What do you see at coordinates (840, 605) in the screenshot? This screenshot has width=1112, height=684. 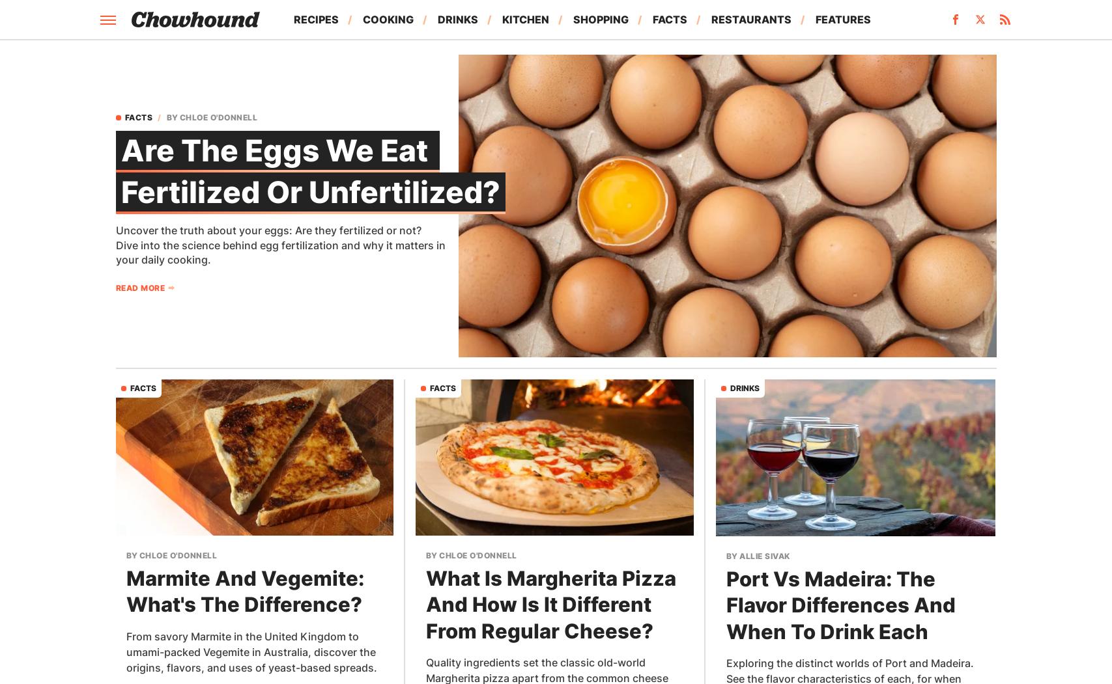 I see `'Port Vs Madeira: The Flavor Differences And When To Drink Each'` at bounding box center [840, 605].